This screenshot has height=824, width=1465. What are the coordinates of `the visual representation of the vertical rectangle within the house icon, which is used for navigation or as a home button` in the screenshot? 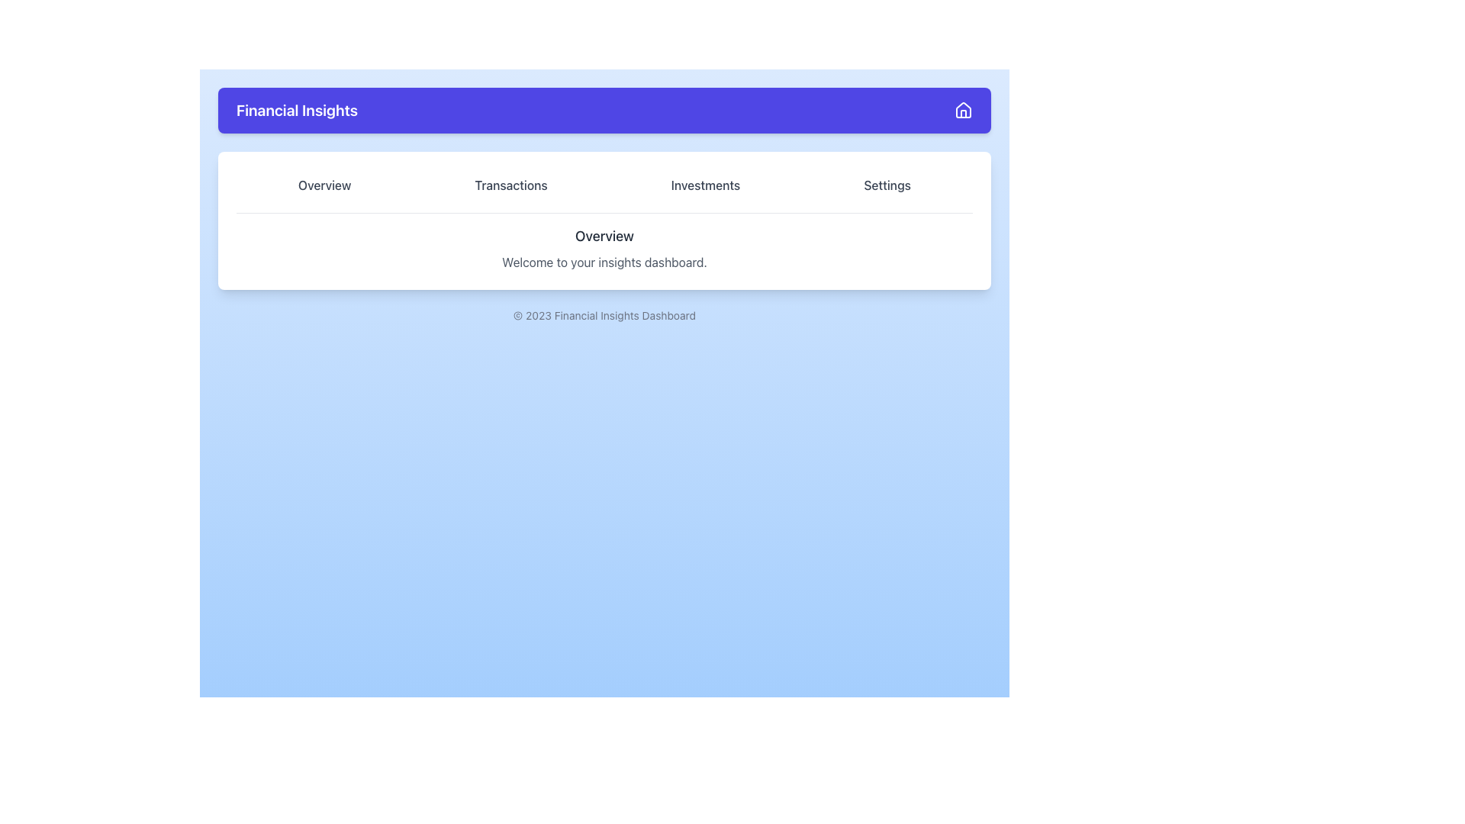 It's located at (962, 113).